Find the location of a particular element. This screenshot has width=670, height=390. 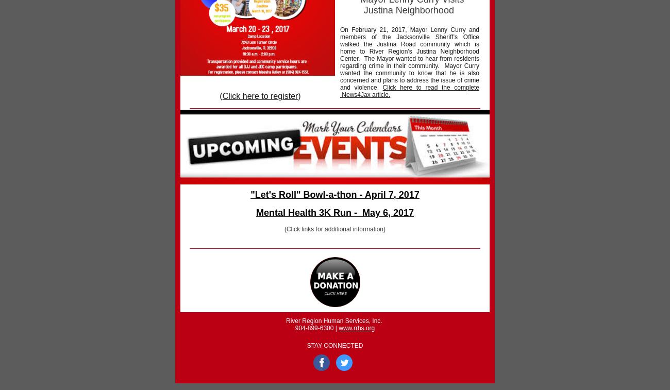

'www.rrhs.org' is located at coordinates (338, 328).